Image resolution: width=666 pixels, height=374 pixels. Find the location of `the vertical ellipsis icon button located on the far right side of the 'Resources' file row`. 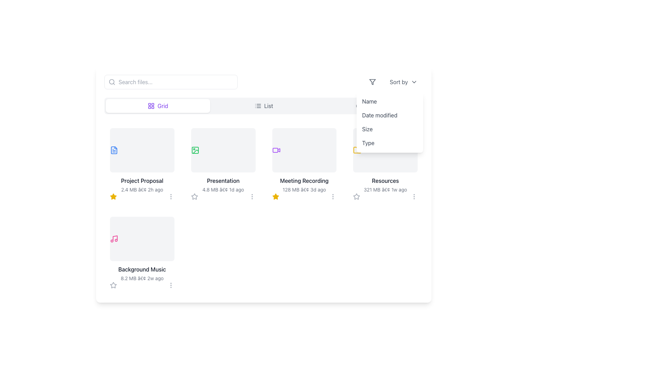

the vertical ellipsis icon button located on the far right side of the 'Resources' file row is located at coordinates (414, 196).